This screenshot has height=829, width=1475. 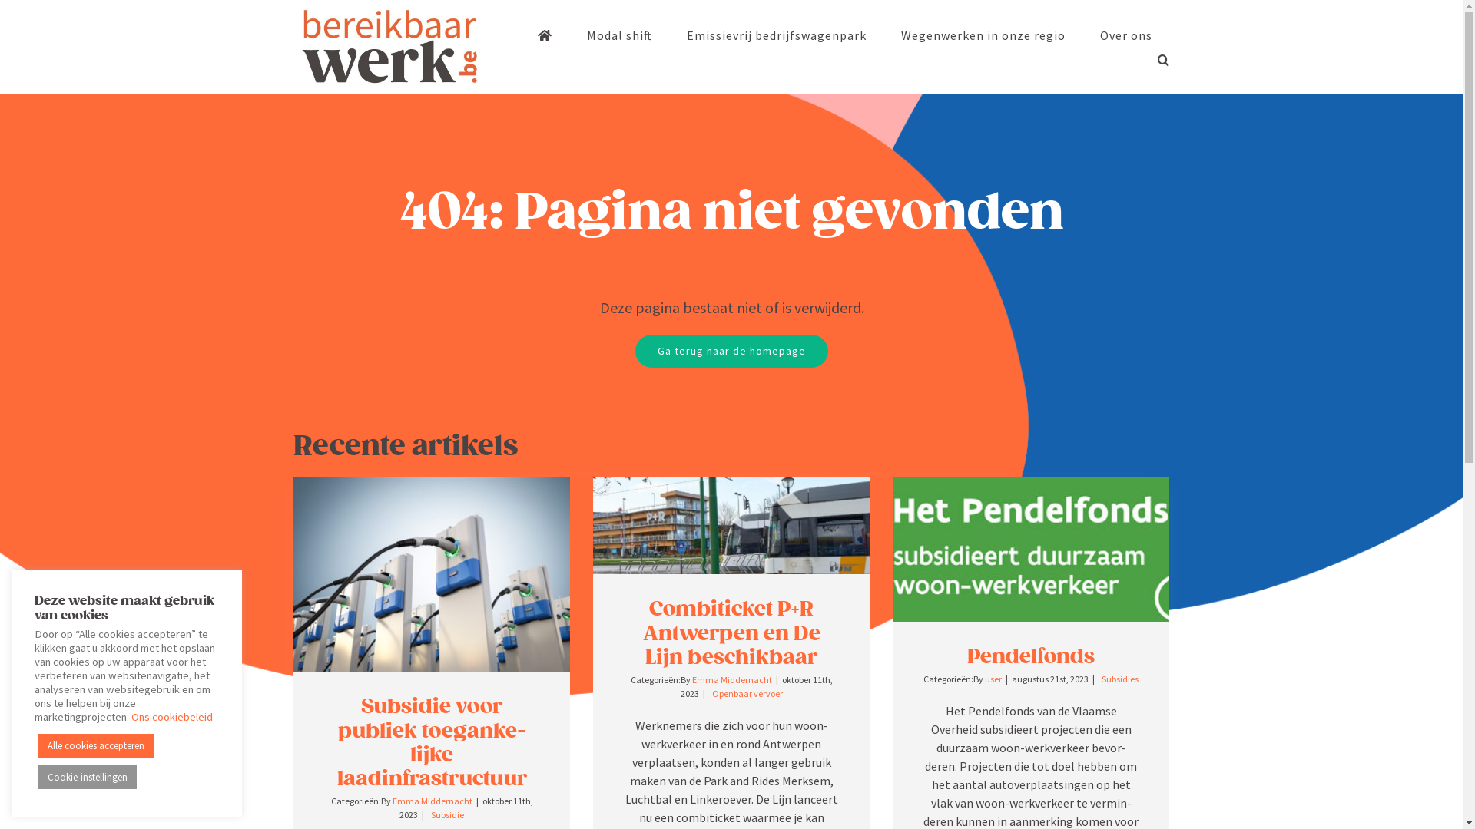 What do you see at coordinates (1099, 35) in the screenshot?
I see `'Over ons'` at bounding box center [1099, 35].